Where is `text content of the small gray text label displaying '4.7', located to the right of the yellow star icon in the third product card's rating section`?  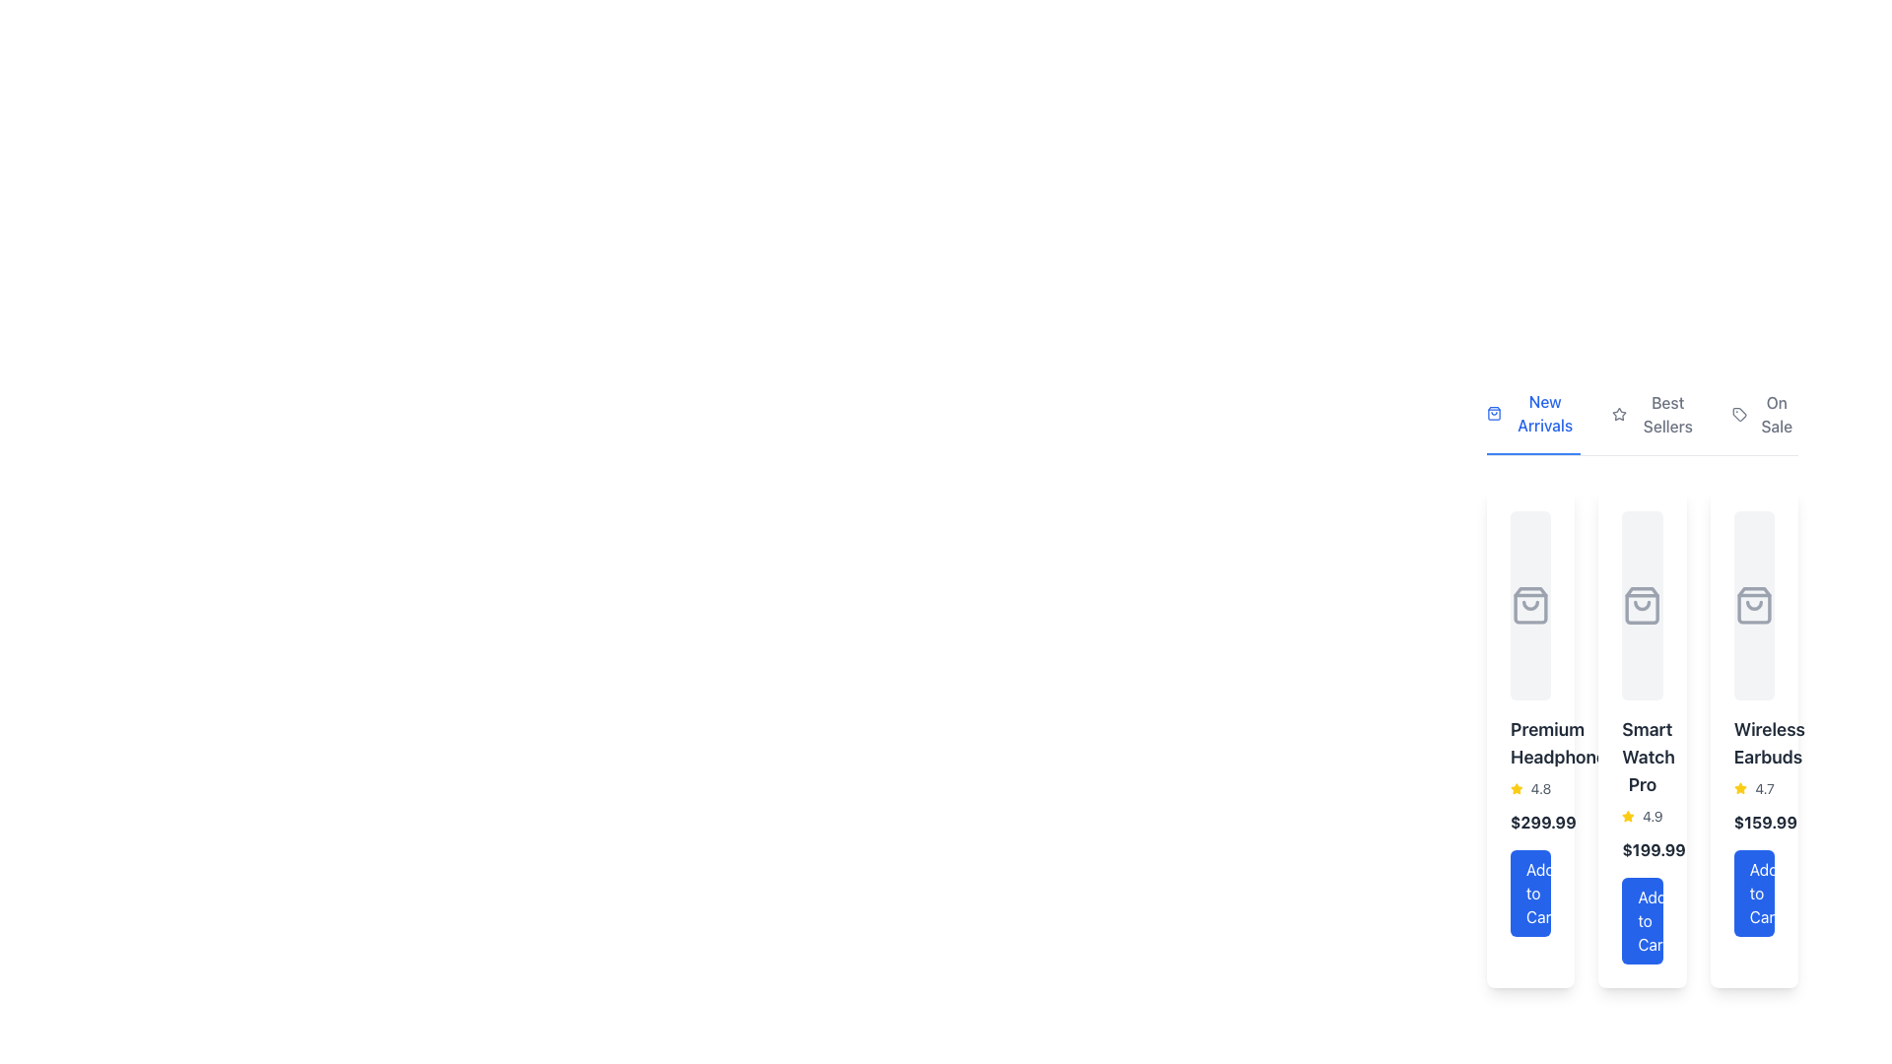 text content of the small gray text label displaying '4.7', located to the right of the yellow star icon in the third product card's rating section is located at coordinates (1765, 788).